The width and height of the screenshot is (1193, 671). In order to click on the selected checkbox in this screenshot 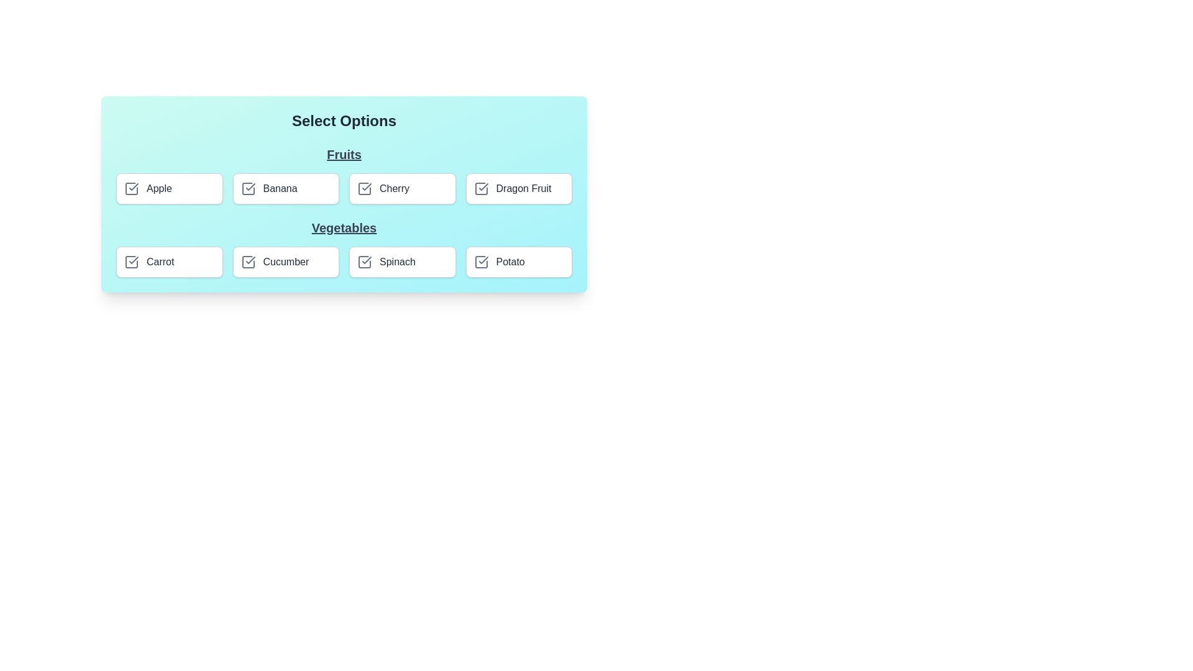, I will do `click(131, 261)`.